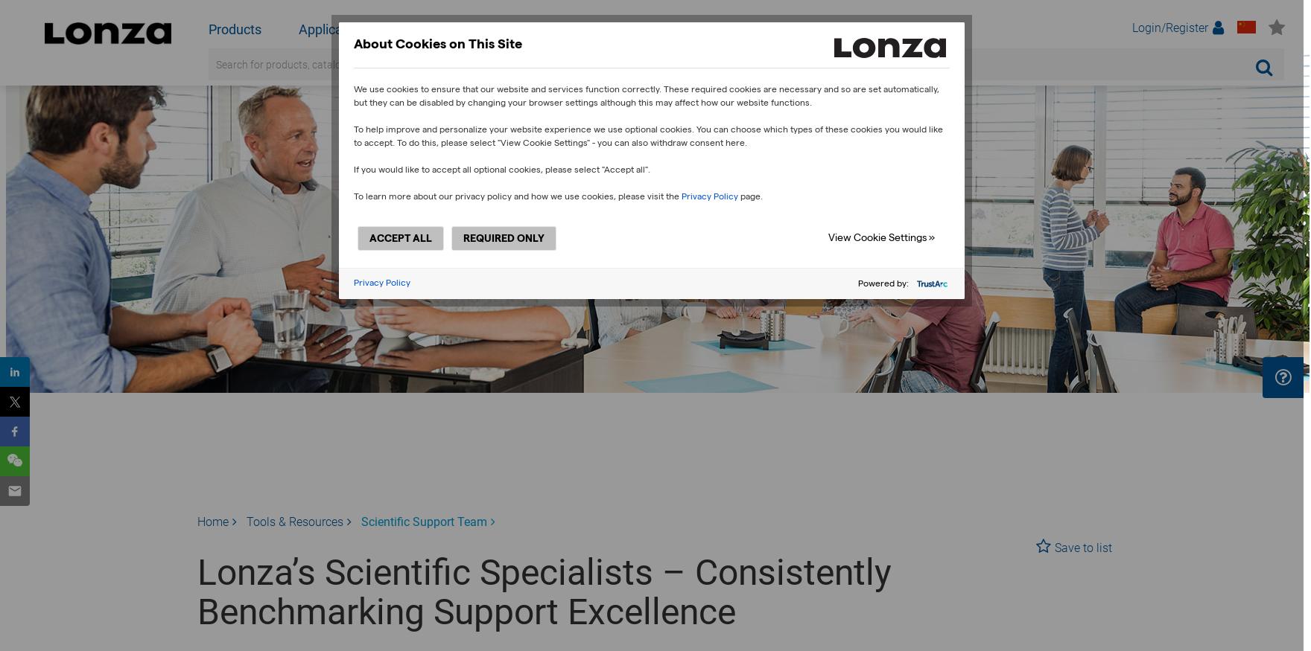 Image resolution: width=1311 pixels, height=651 pixels. I want to click on 'Our Company', so click(594, 28).